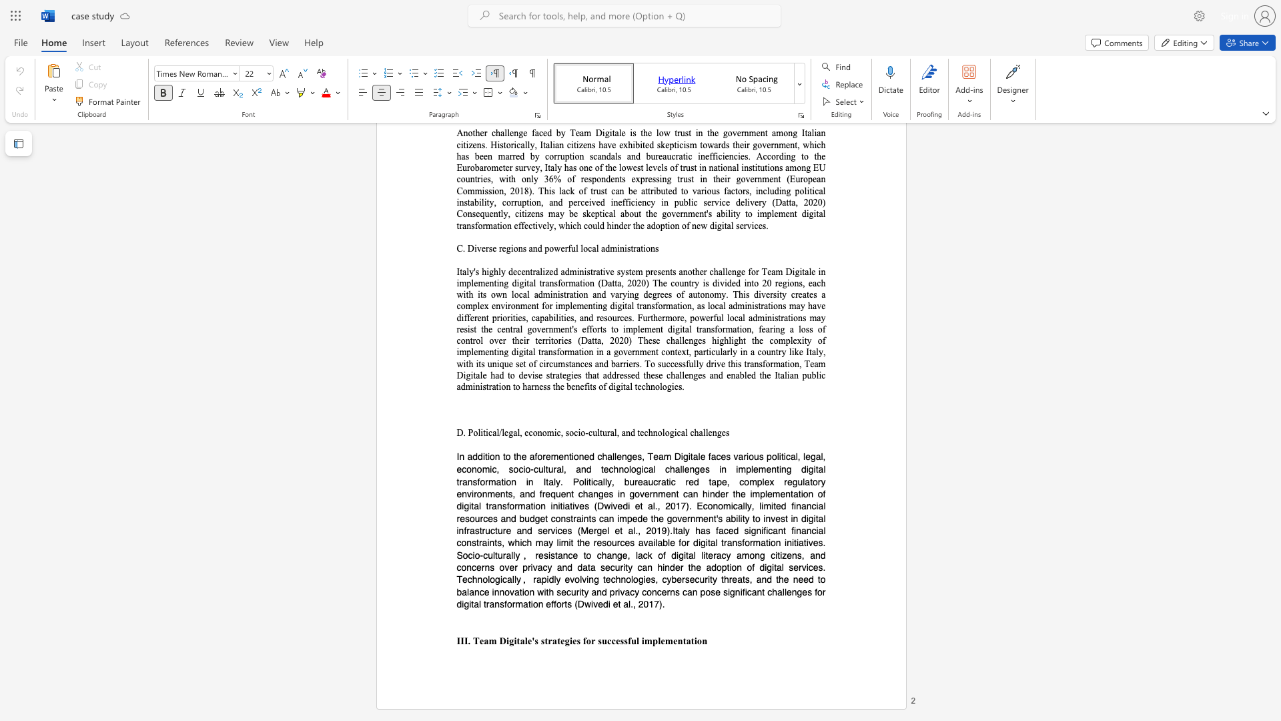  Describe the element at coordinates (606, 543) in the screenshot. I see `the subset text "ources available for dig" within the text "l infrastructure and services (Mergel et al., 2019).Italy has faced significant financial constraints, which may limit the resources available for digital transformation initiatives. Socio-culturally"` at that location.